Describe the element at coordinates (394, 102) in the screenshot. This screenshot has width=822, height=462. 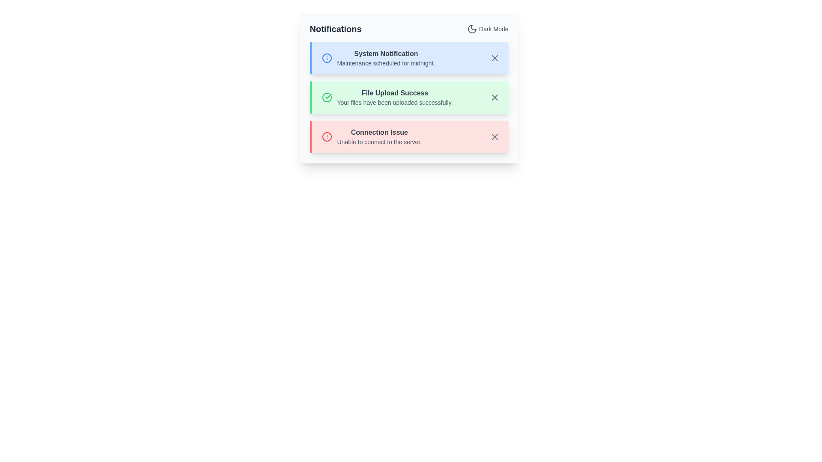
I see `text display that shows 'Your files have been uploaded successfully.' which is located below the heading 'File Upload Success.'` at that location.